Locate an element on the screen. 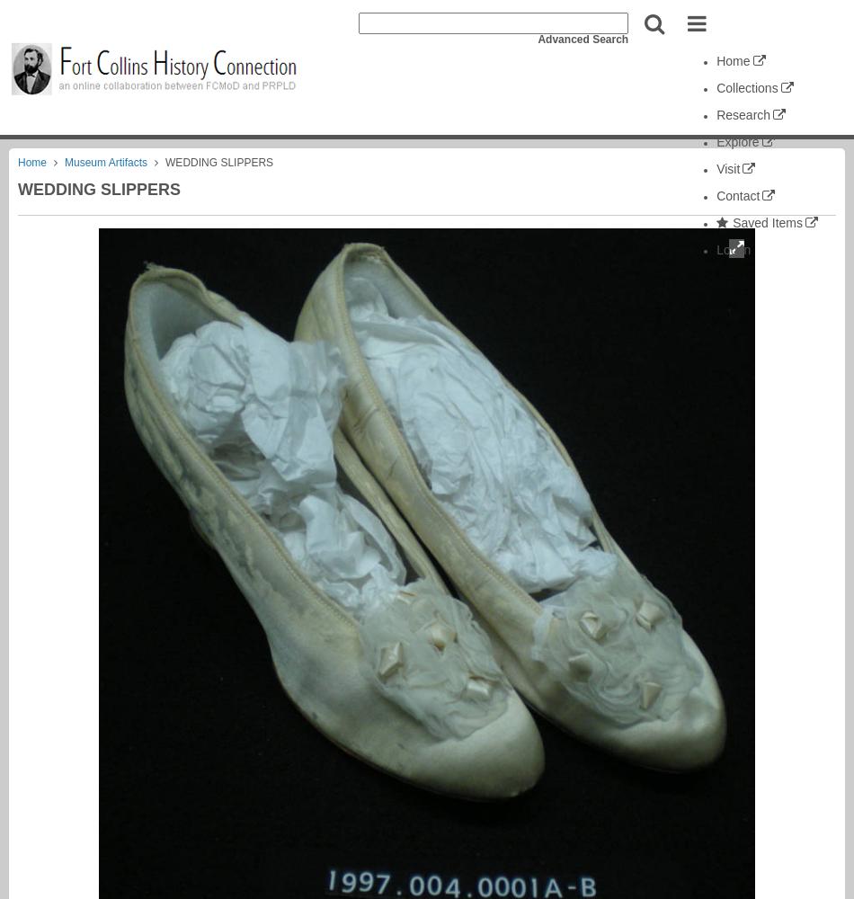 This screenshot has height=899, width=854. 'Visit' is located at coordinates (715, 169).